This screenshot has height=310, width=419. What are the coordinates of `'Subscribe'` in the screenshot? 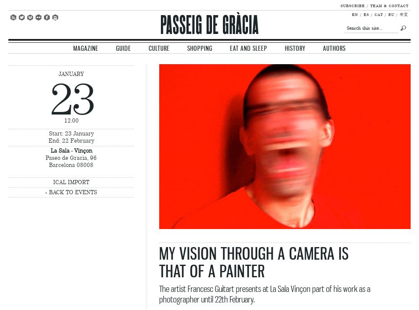 It's located at (352, 5).